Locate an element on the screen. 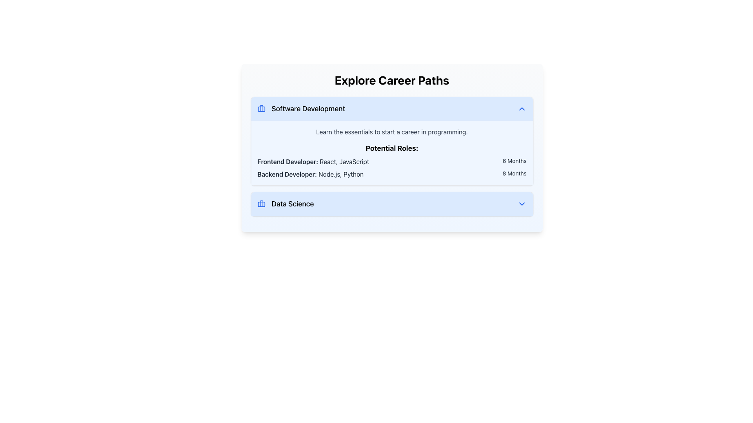 The image size is (753, 423). the Text Label that informs users about the role of a Backend Developer and associated technologies like Node.js and Python for accessibility is located at coordinates (310, 174).